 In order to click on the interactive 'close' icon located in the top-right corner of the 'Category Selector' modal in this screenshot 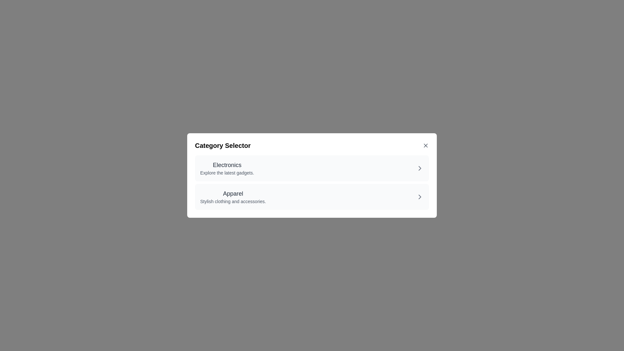, I will do `click(426, 145)`.